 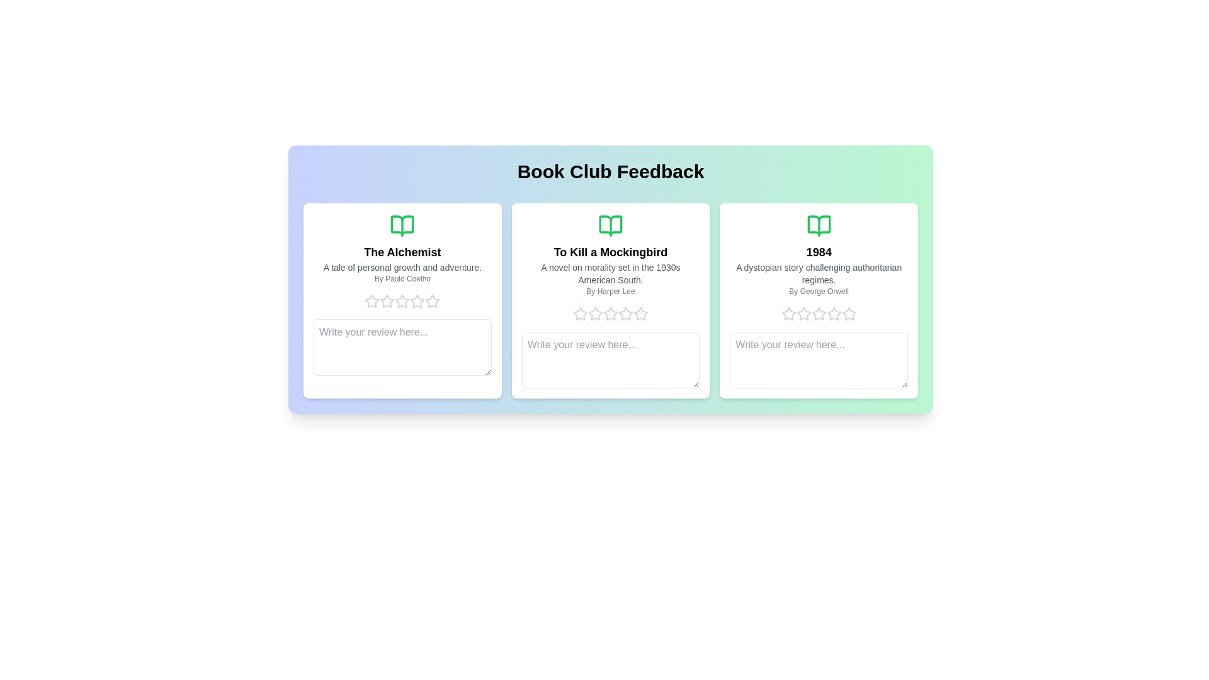 What do you see at coordinates (640, 313) in the screenshot?
I see `the fifth gray star icon representing the rating for 'To Kill a Mockingbird'` at bounding box center [640, 313].